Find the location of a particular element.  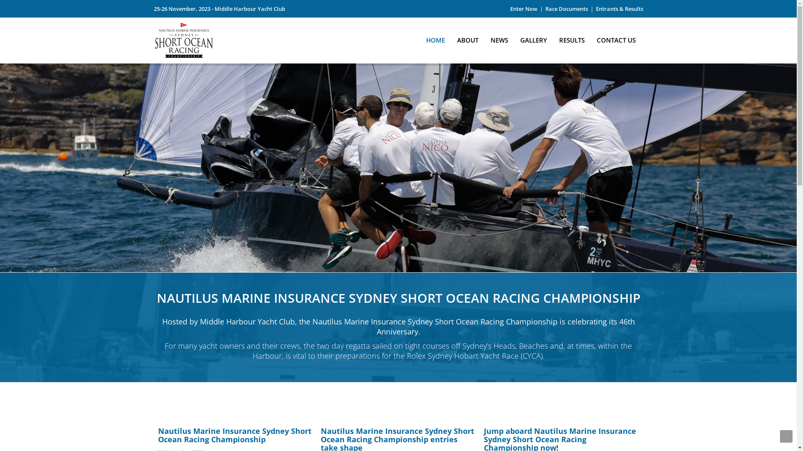

'RESULTS' is located at coordinates (571, 38).